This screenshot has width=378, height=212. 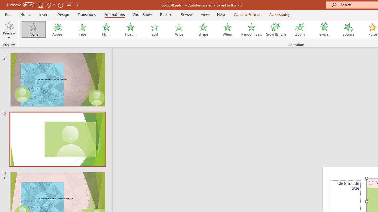 What do you see at coordinates (252, 29) in the screenshot?
I see `'Random Bars'` at bounding box center [252, 29].